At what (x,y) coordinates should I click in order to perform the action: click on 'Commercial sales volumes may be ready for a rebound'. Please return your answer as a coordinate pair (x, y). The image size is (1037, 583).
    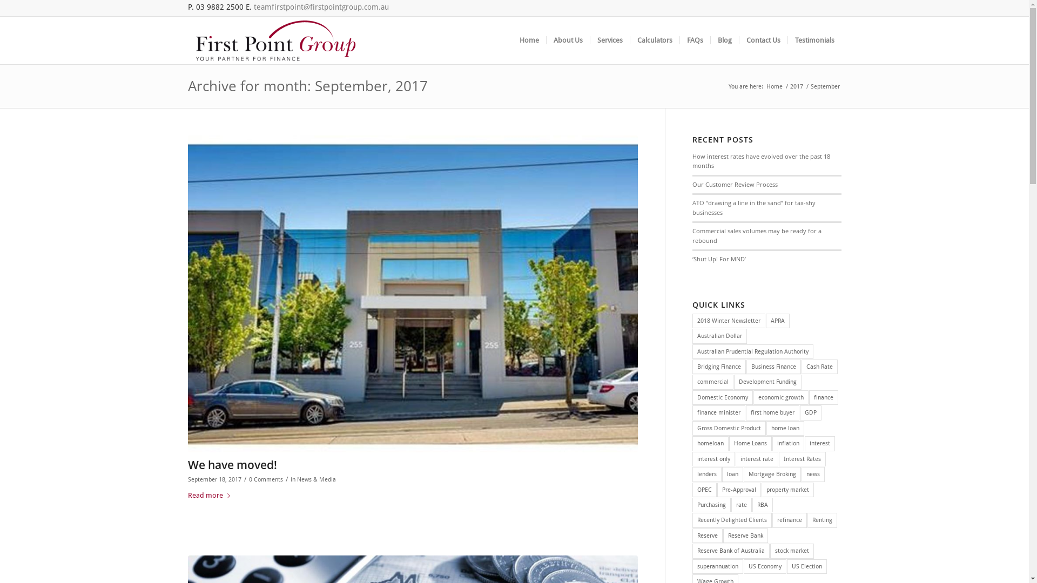
    Looking at the image, I should click on (692, 235).